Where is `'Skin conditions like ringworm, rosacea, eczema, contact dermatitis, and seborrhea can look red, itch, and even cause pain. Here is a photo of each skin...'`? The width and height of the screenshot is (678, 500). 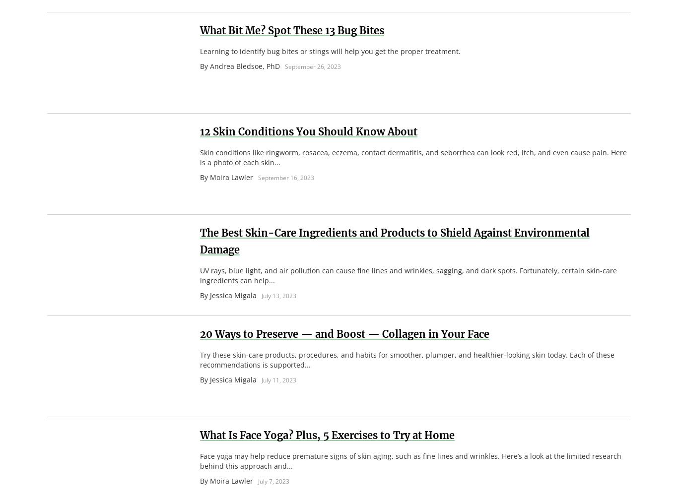 'Skin conditions like ringworm, rosacea, eczema, contact dermatitis, and seborrhea can look red, itch, and even cause pain. Here is a photo of each skin...' is located at coordinates (412, 157).